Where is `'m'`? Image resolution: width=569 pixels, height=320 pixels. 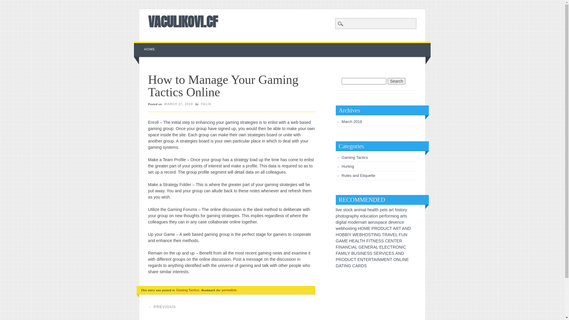
'm' is located at coordinates (361, 209).